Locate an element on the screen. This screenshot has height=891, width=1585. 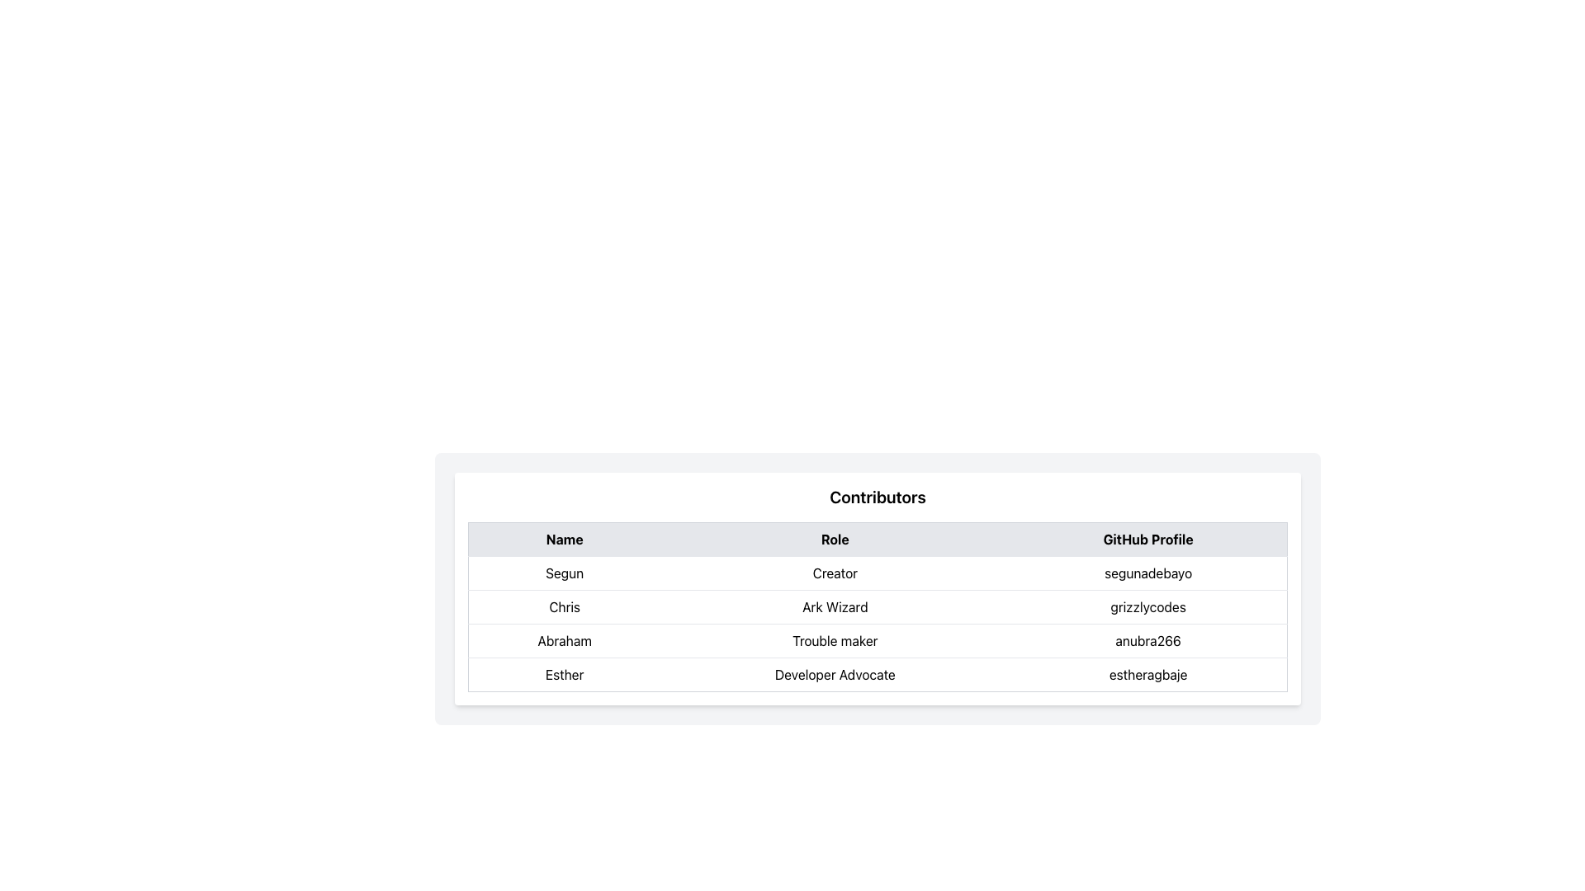
text label displaying the role 'Trouble maker' associated with the contributor 'Abraham' in the second column of the table is located at coordinates (835, 639).